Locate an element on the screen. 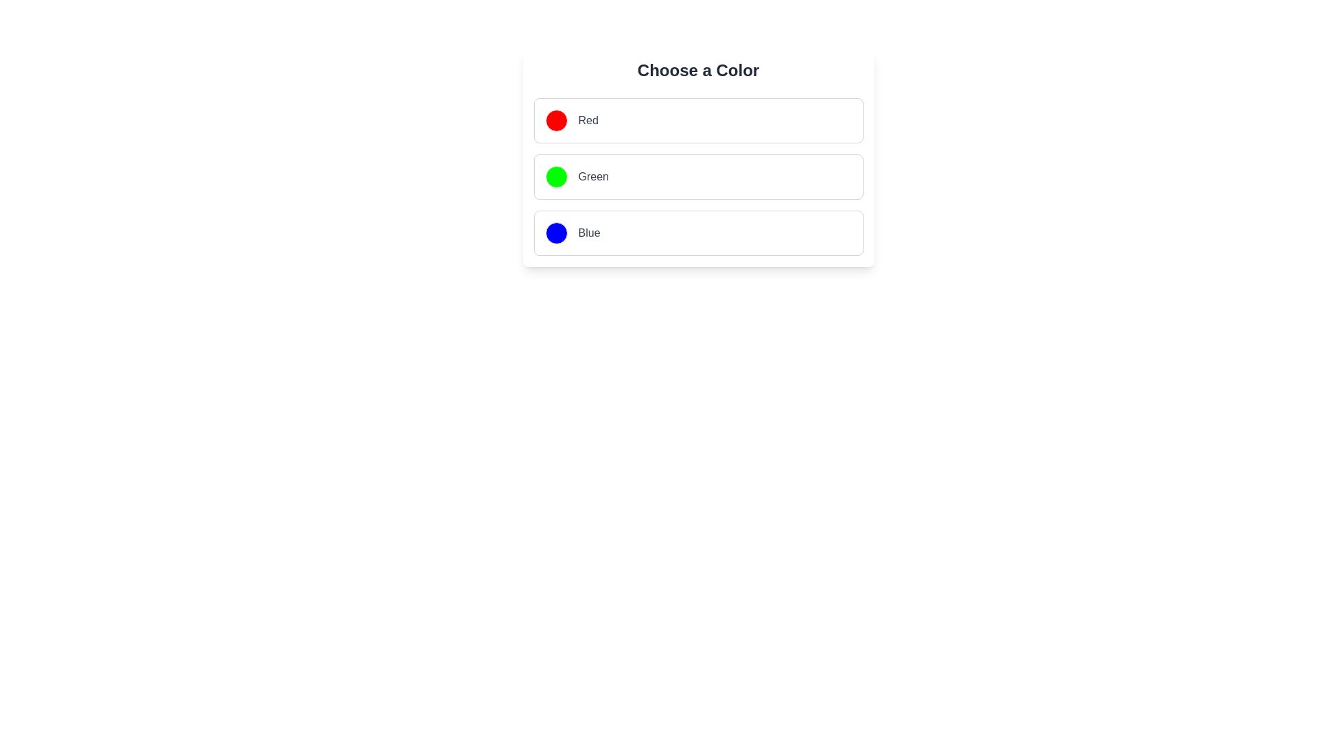 This screenshot has width=1318, height=741. the text label reading 'Blue' which is styled with a medium-weight font and gray color, located in the third option of a vertical list of color choices, adjacent to a circular blue icon is located at coordinates (589, 232).